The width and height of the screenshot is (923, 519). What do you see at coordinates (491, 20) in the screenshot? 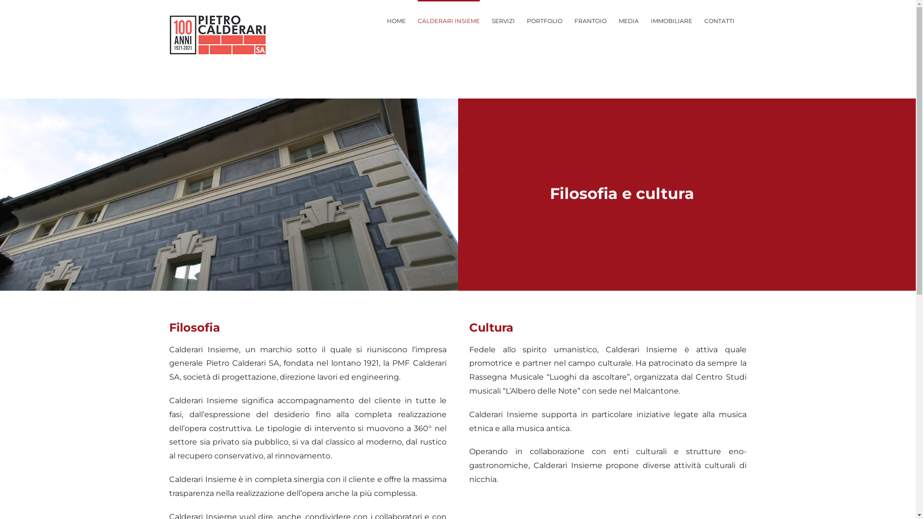
I see `'SERVIZI'` at bounding box center [491, 20].